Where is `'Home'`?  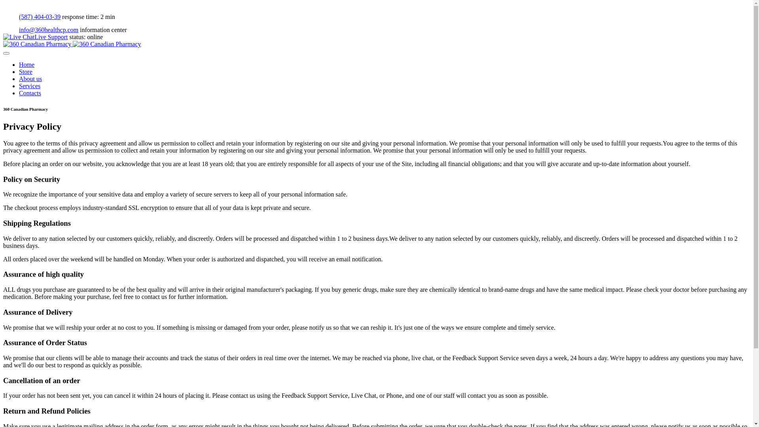 'Home' is located at coordinates (26, 64).